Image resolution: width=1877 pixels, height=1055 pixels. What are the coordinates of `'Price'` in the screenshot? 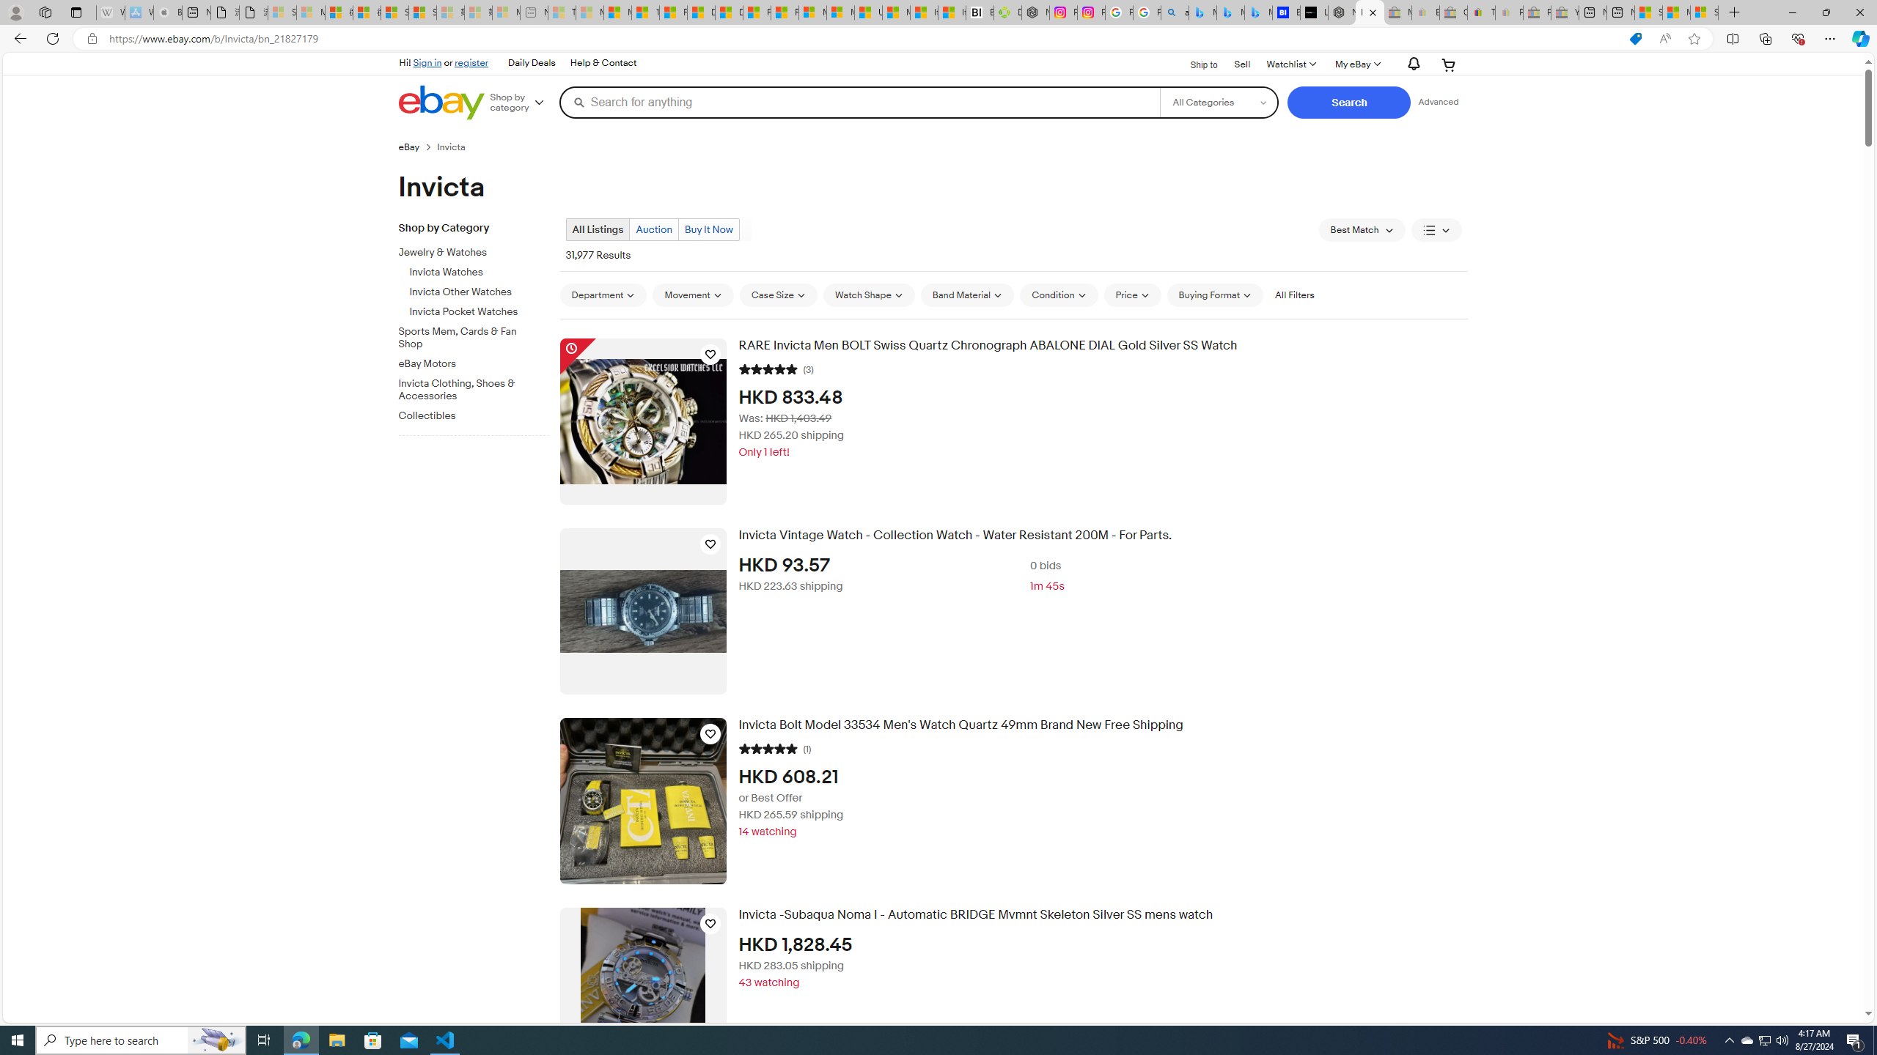 It's located at (1132, 295).